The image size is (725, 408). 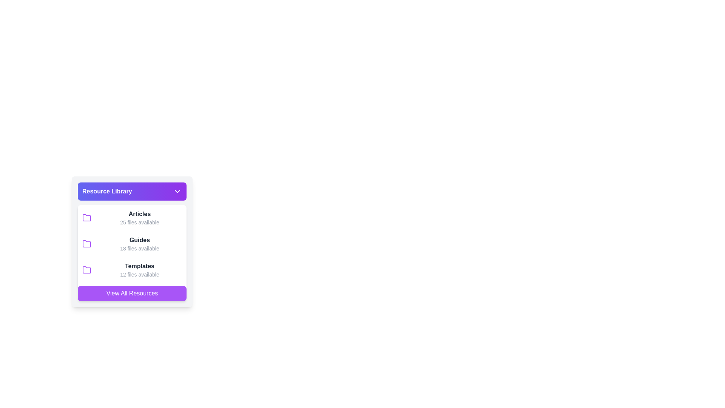 I want to click on the second item in the vertical list of the 'Resource Library' panel, so click(x=139, y=244).